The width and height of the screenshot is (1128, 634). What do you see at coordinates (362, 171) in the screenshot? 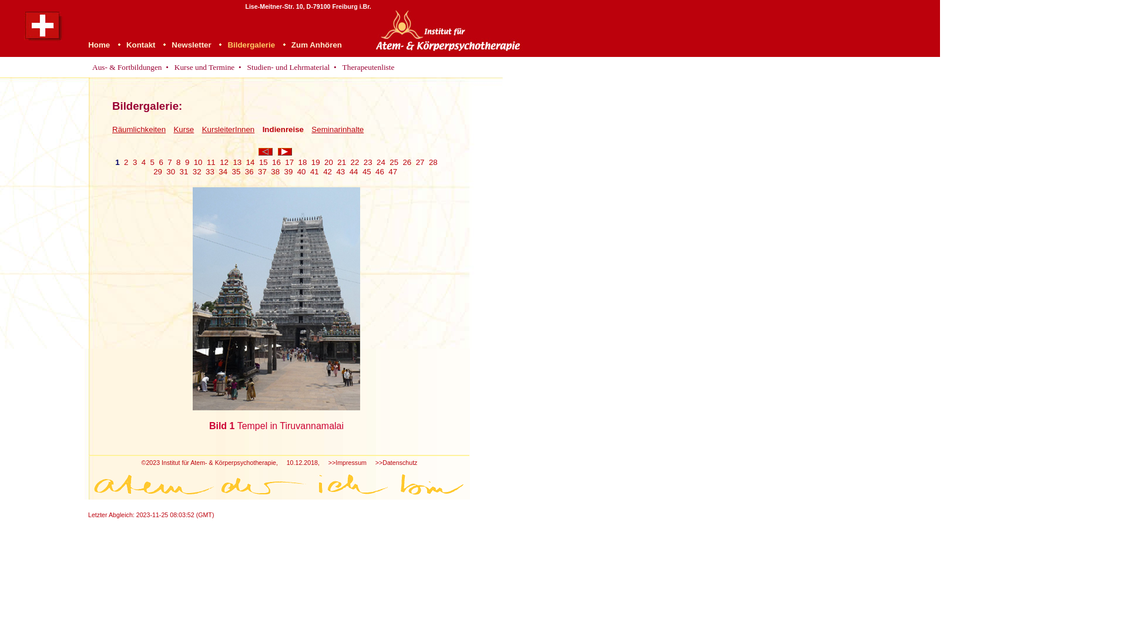
I see `'45'` at bounding box center [362, 171].